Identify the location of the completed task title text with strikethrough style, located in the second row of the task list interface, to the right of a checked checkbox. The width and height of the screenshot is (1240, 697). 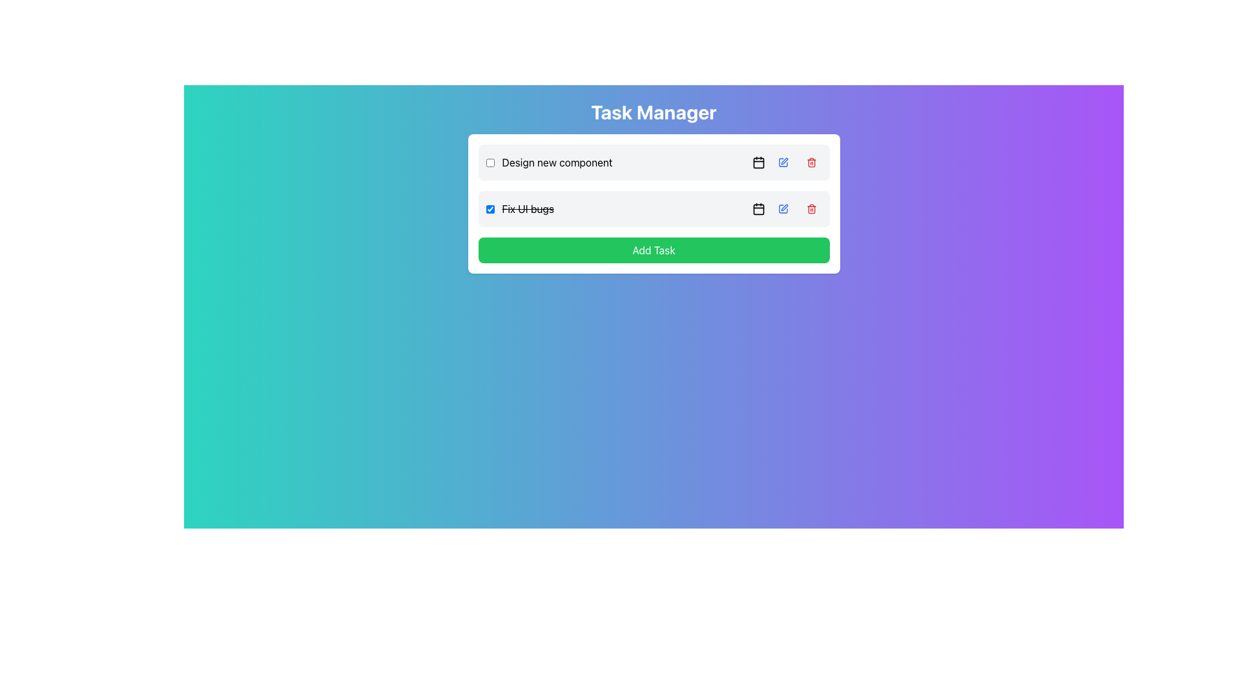
(528, 208).